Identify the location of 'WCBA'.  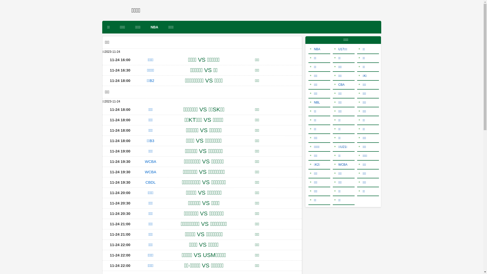
(150, 172).